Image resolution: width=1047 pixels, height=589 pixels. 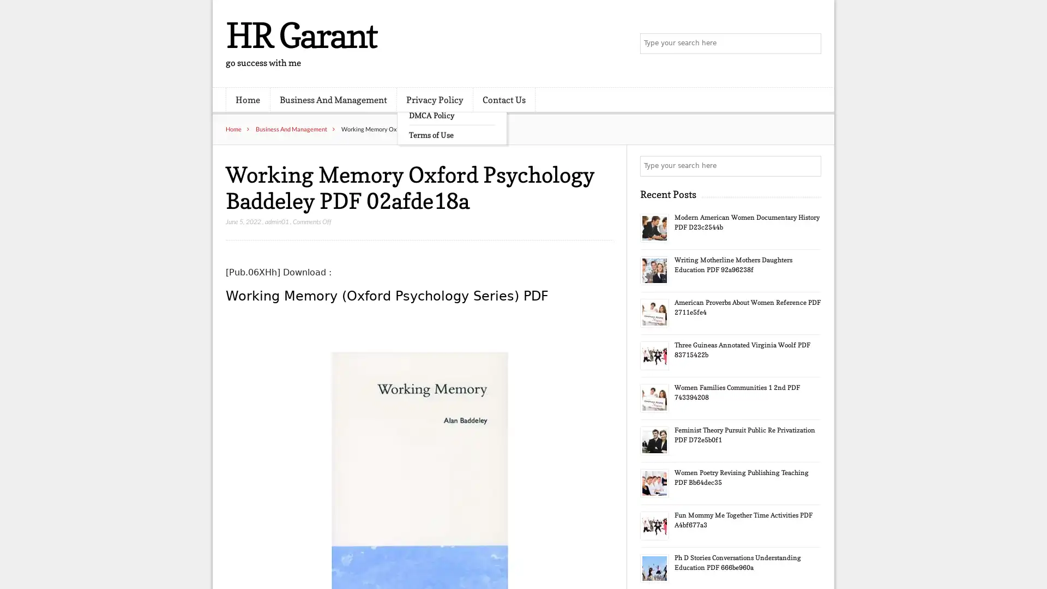 What do you see at coordinates (810, 166) in the screenshot?
I see `Search` at bounding box center [810, 166].